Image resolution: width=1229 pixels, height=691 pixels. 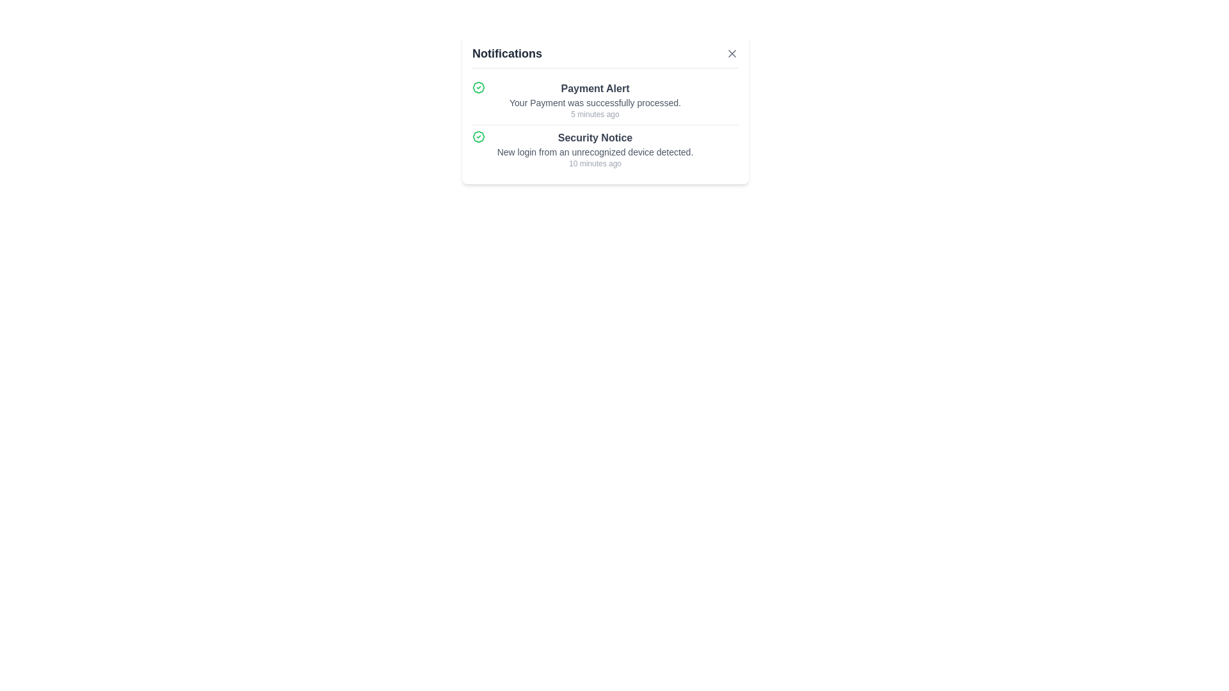 What do you see at coordinates (478, 136) in the screenshot?
I see `the circular icon with a green outline and a checkmark, which indicates a positive status or approval, located to the left of the 'Security Notice' text` at bounding box center [478, 136].